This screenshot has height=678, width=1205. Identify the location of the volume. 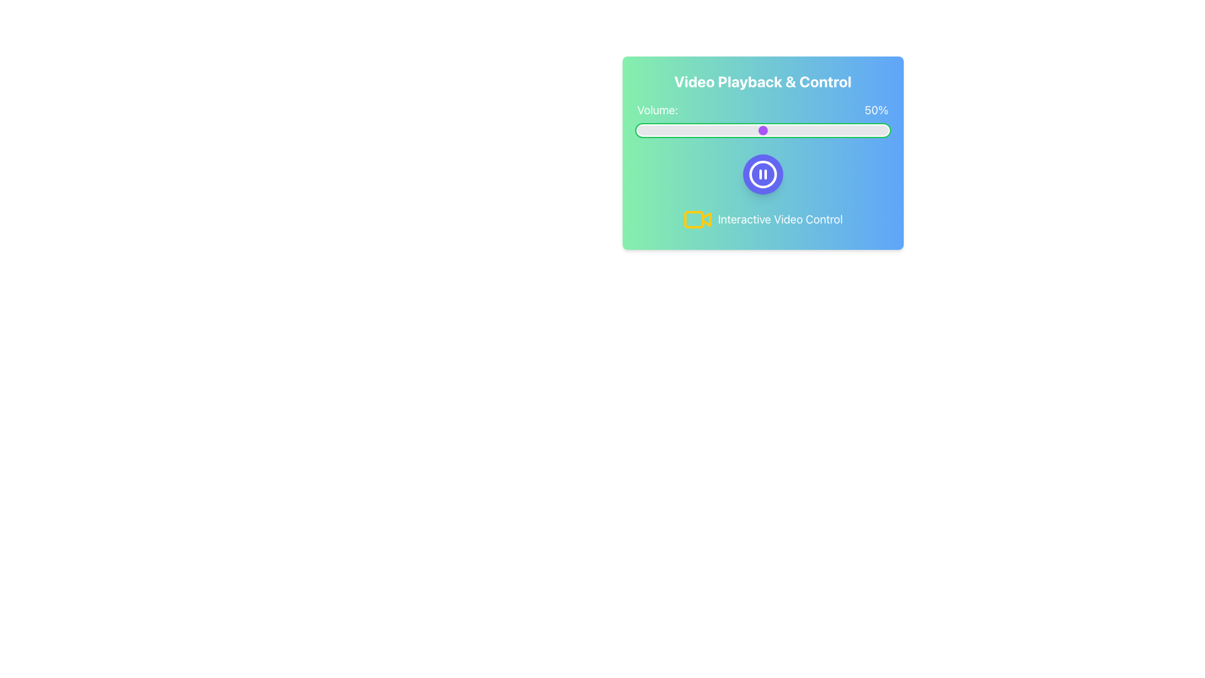
(870, 131).